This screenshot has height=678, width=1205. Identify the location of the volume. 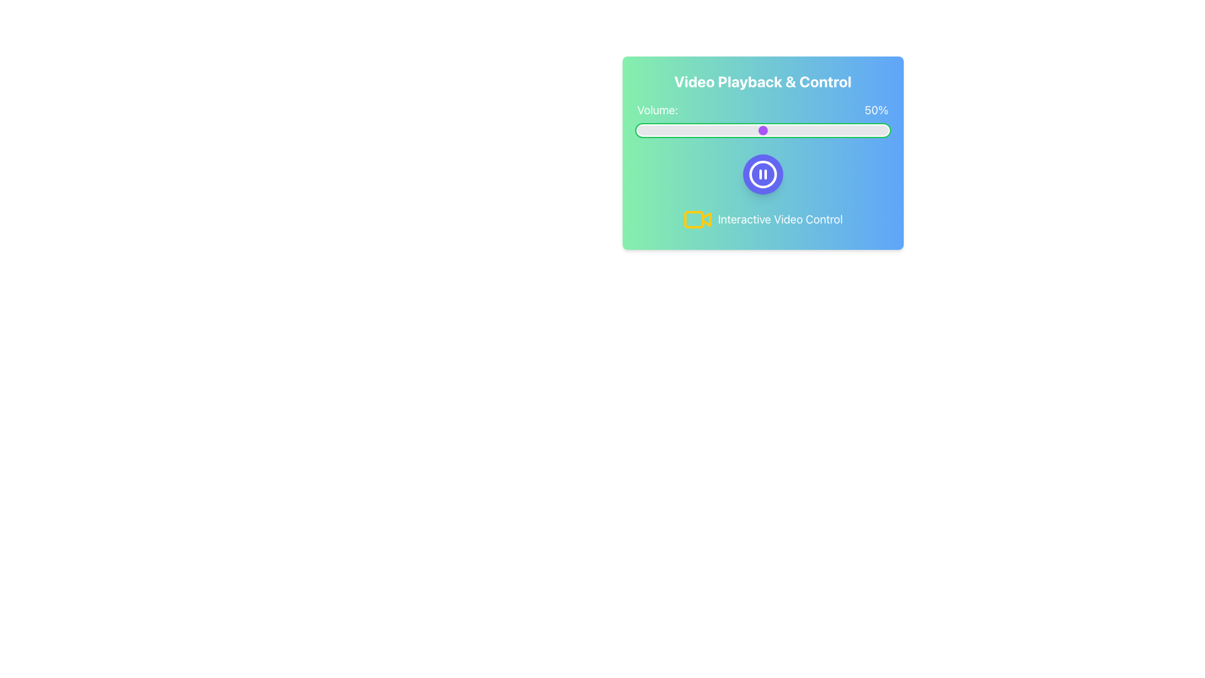
(870, 131).